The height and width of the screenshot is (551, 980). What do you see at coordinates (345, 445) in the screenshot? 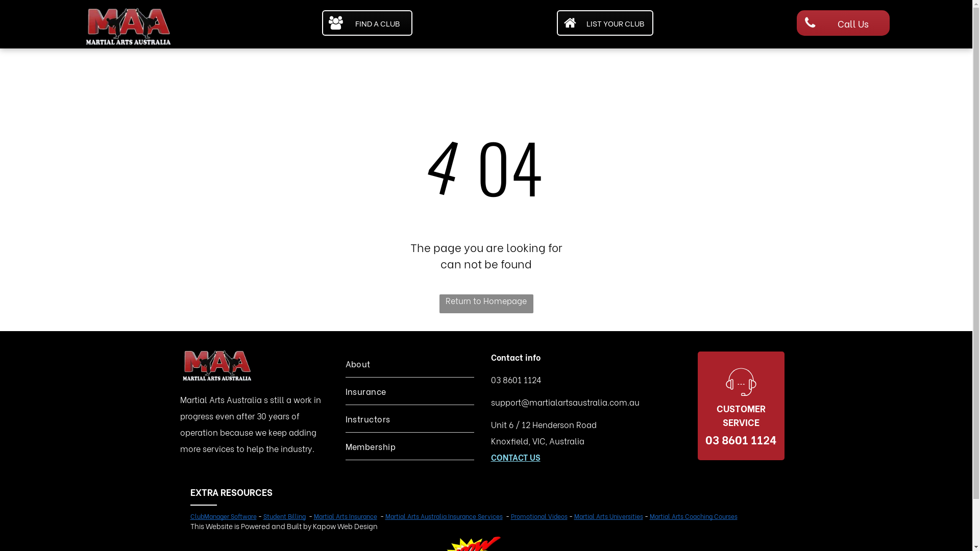
I see `'Membership'` at bounding box center [345, 445].